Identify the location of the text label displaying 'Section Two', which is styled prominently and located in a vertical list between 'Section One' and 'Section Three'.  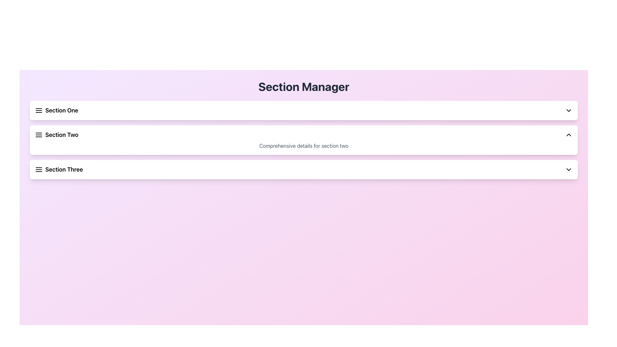
(57, 135).